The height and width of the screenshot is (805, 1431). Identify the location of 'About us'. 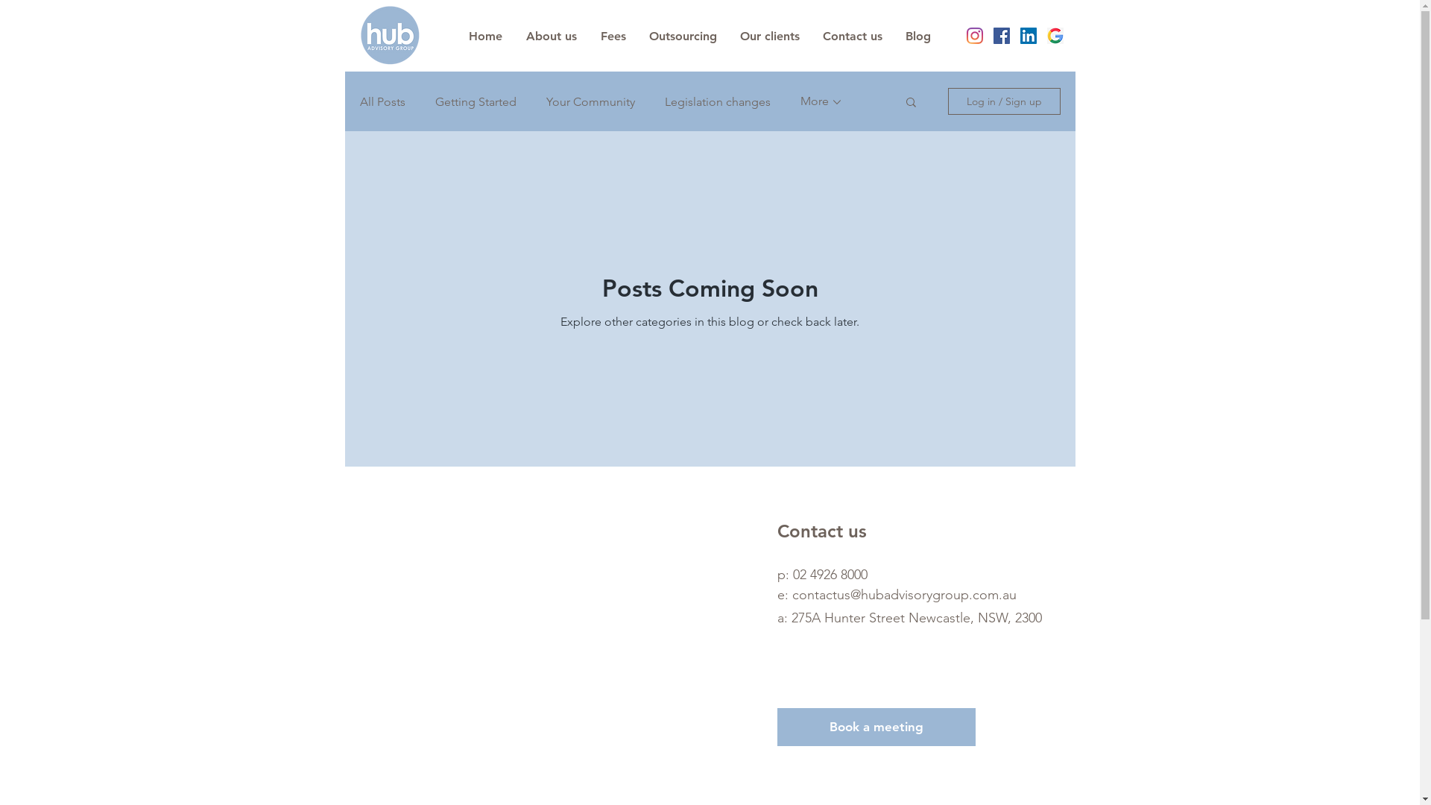
(550, 36).